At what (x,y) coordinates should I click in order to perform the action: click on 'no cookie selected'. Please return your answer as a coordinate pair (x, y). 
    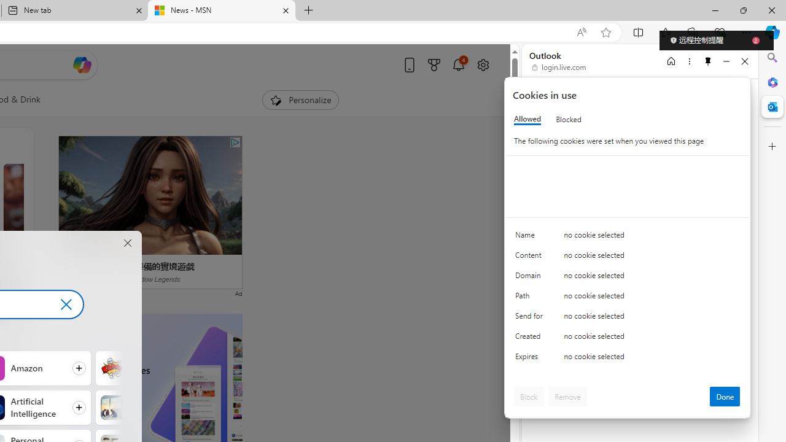
    Looking at the image, I should click on (652, 359).